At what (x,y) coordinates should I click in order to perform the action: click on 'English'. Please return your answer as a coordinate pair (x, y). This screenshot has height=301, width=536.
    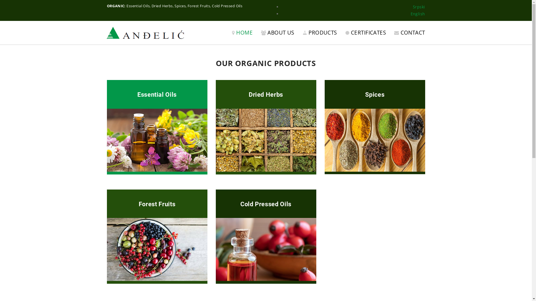
    Looking at the image, I should click on (418, 13).